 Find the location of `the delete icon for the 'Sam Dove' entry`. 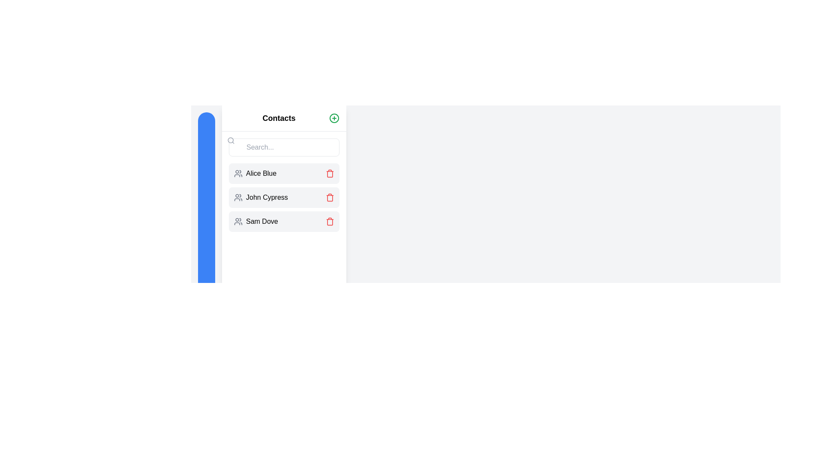

the delete icon for the 'Sam Dove' entry is located at coordinates (329, 221).